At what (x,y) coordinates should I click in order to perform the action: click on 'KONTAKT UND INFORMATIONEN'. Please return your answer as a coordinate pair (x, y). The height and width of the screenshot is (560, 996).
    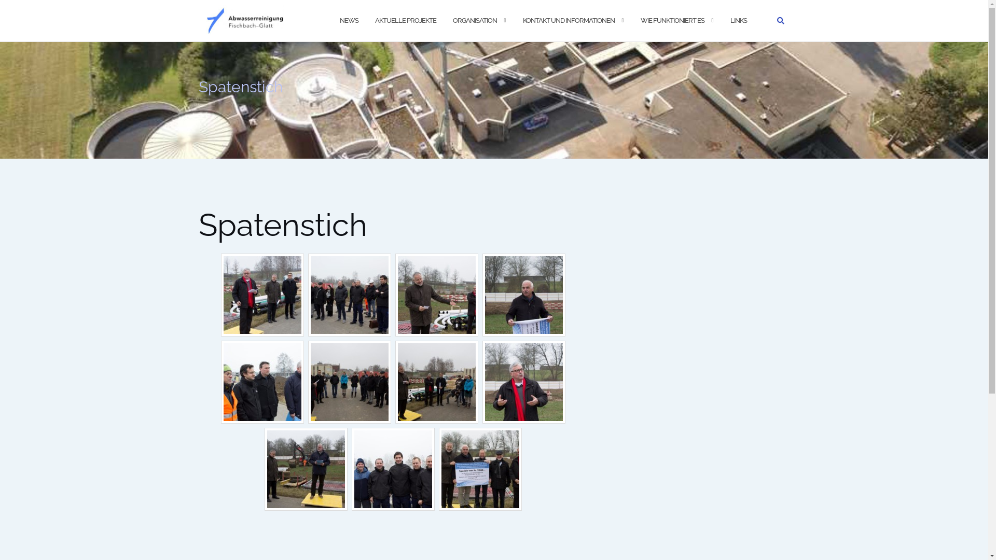
    Looking at the image, I should click on (568, 21).